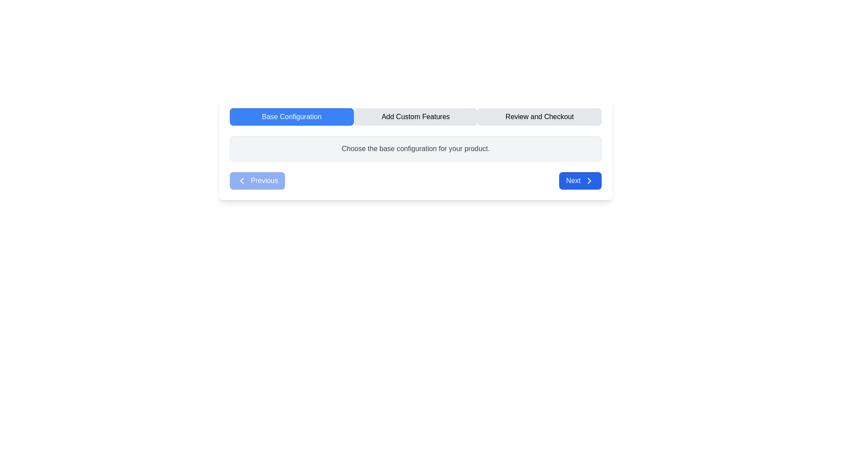  I want to click on the leftward-pointing chevron arrow SVG icon, which indicates a backward or previous action, located adjacent to the 'Previous' button, so click(242, 180).